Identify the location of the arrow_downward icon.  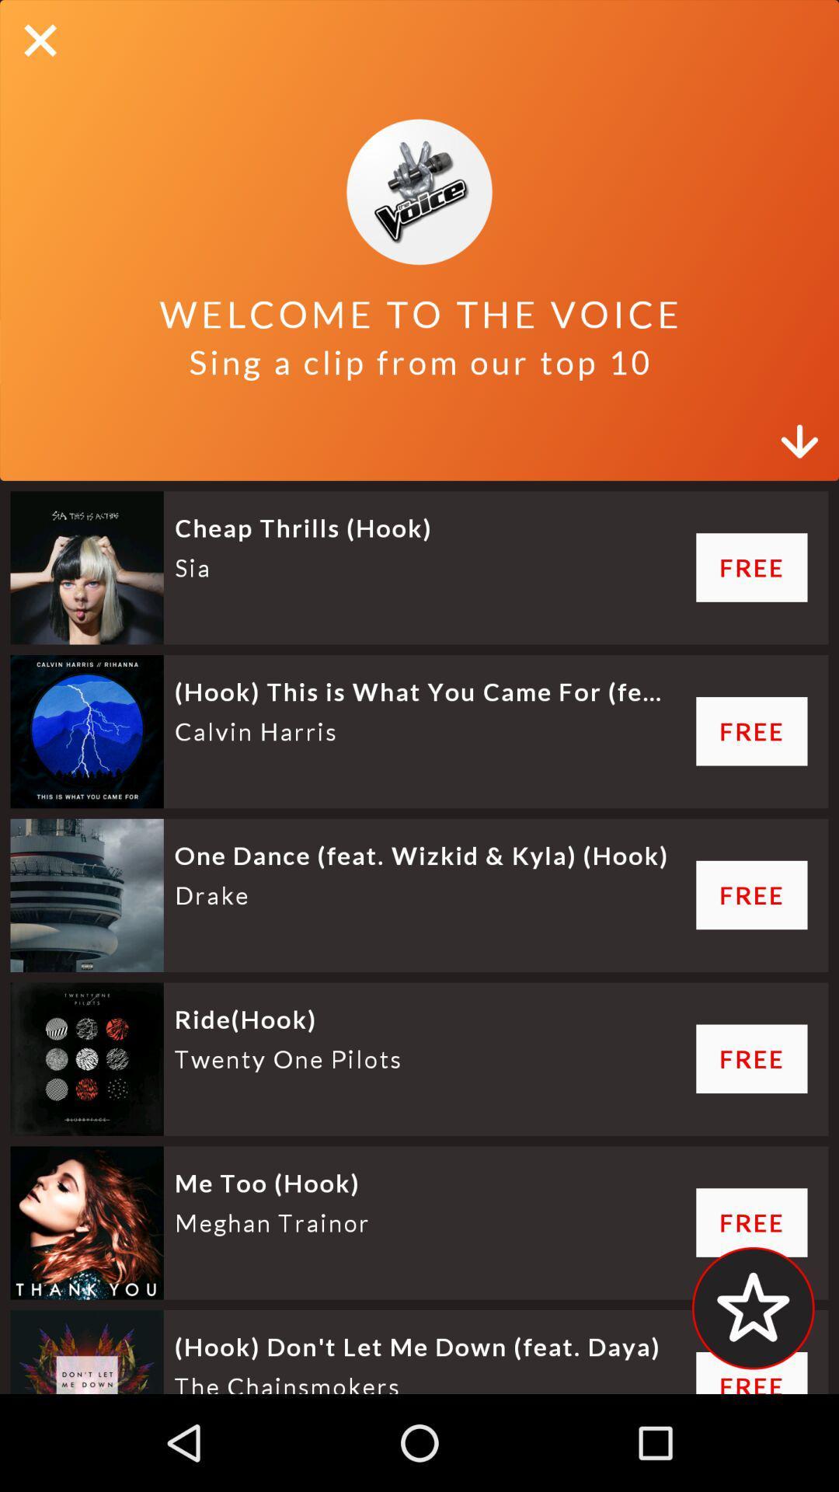
(802, 432).